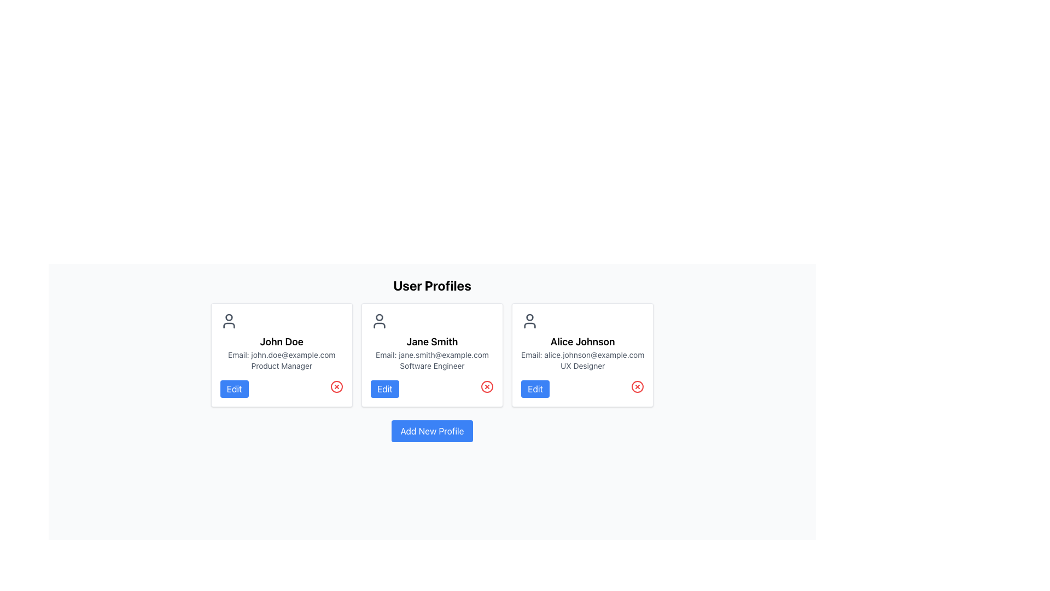  What do you see at coordinates (282, 366) in the screenshot?
I see `the third text row indicating the role of the user John Doe within the first user profile card on the leftmost side of the interface` at bounding box center [282, 366].